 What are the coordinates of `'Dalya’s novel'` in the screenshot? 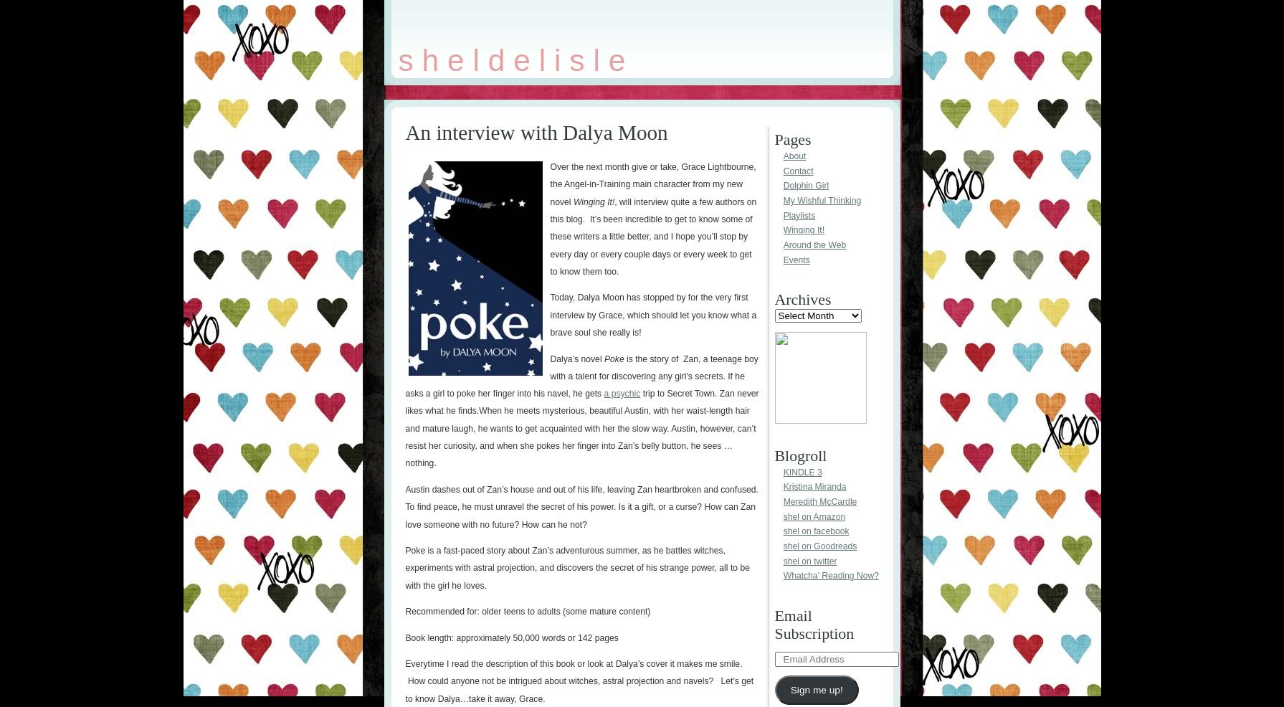 It's located at (576, 358).